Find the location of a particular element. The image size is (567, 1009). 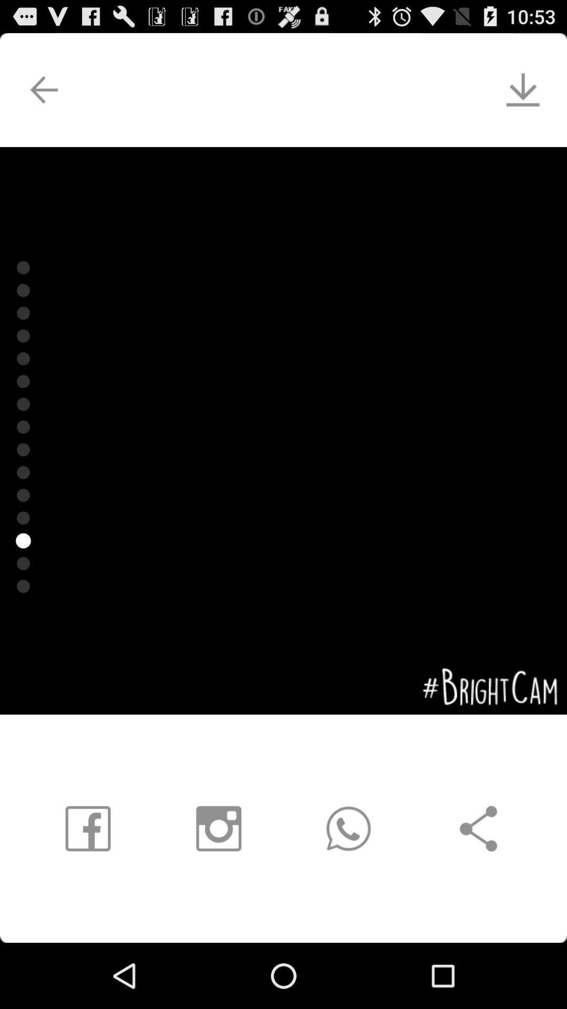

the photo icon is located at coordinates (213, 886).